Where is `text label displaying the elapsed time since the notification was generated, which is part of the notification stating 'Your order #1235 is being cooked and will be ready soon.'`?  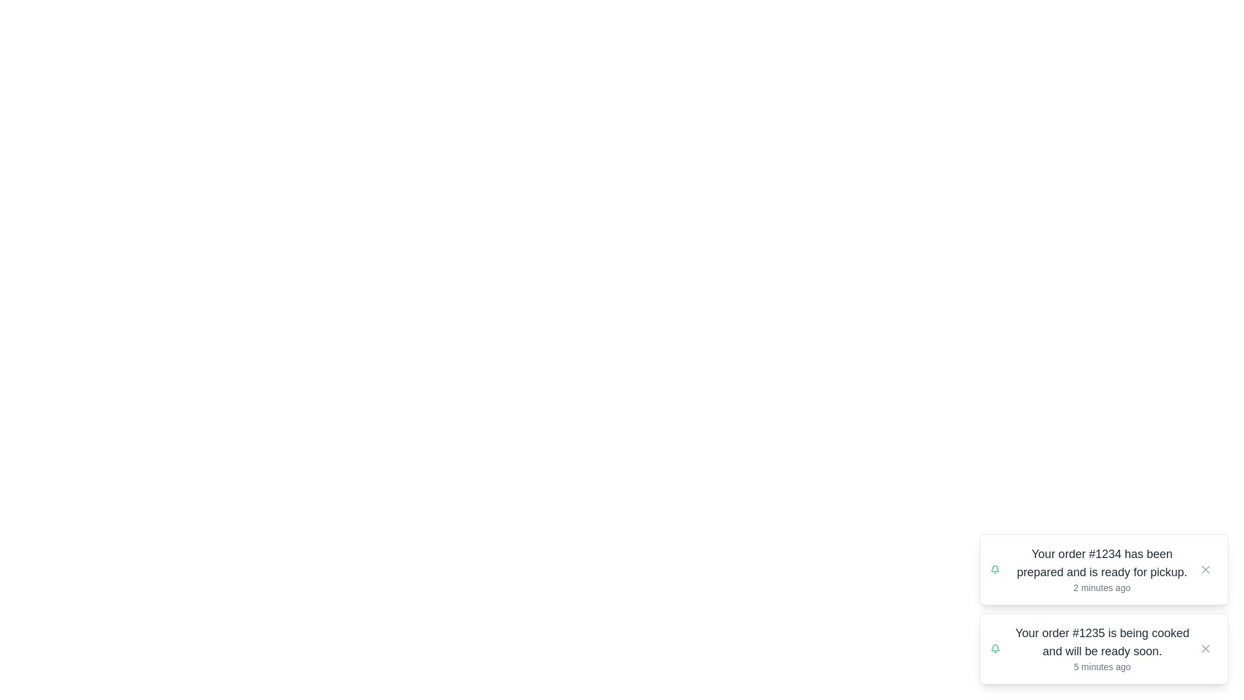 text label displaying the elapsed time since the notification was generated, which is part of the notification stating 'Your order #1235 is being cooked and will be ready soon.' is located at coordinates (1101, 667).